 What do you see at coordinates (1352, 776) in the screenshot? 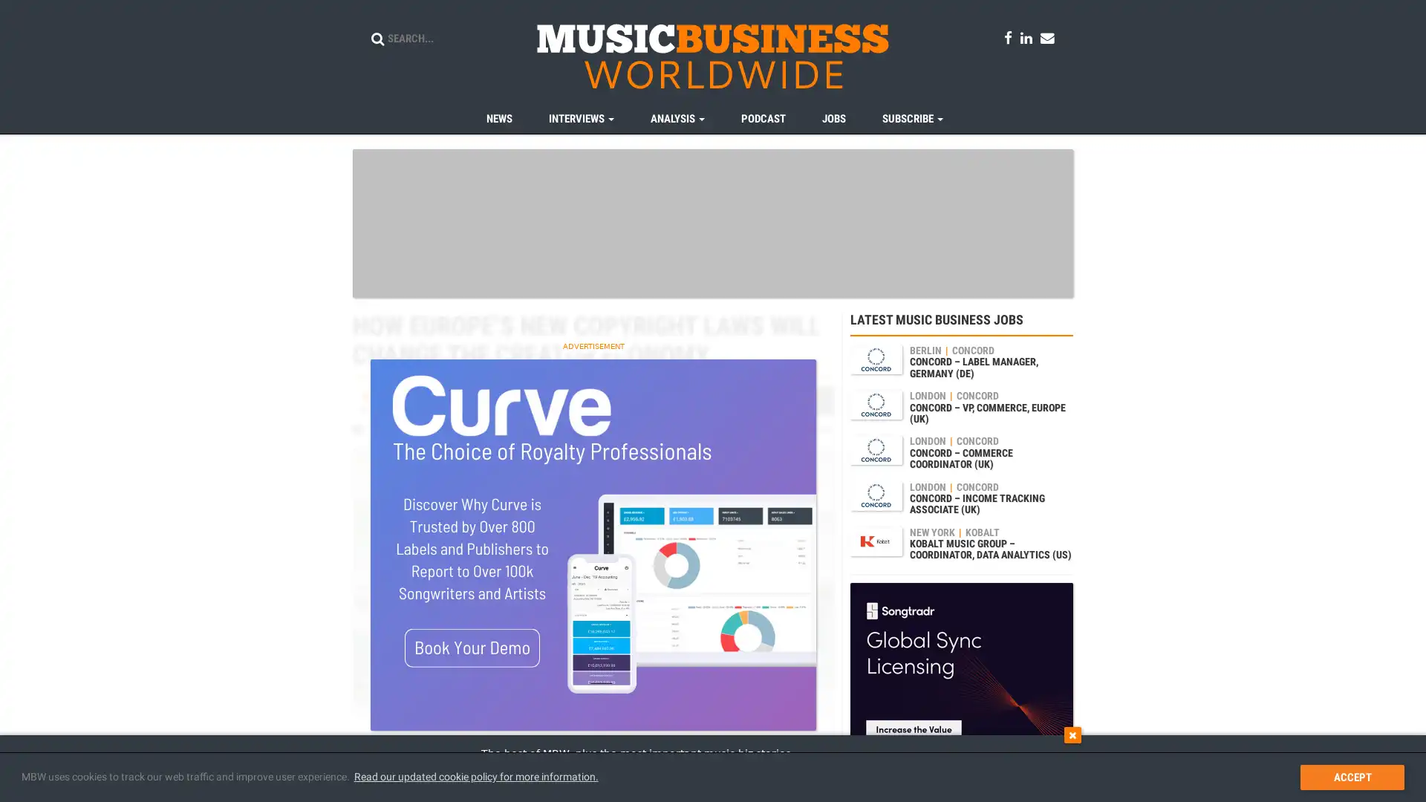
I see `dismiss cookie message` at bounding box center [1352, 776].